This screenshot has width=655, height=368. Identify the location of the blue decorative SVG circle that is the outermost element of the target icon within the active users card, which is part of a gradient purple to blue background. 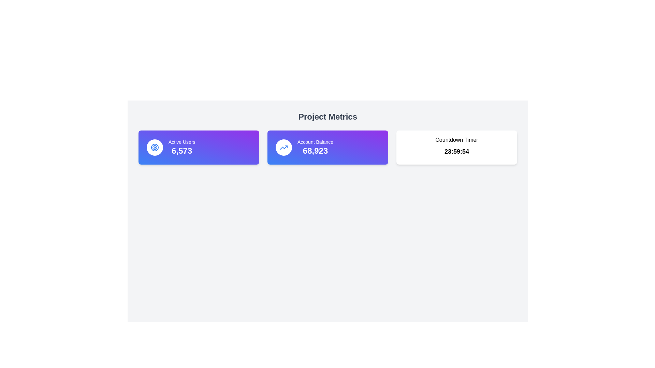
(155, 147).